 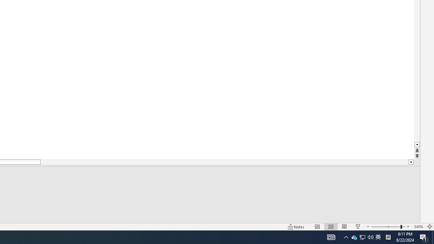 I want to click on 'Zoom 340%', so click(x=418, y=227).